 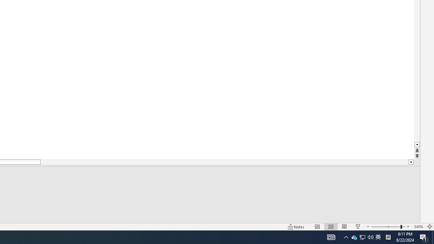 I want to click on 'Zoom 340%', so click(x=418, y=227).